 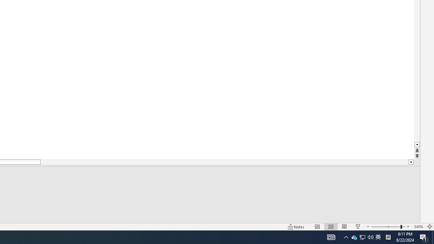 I want to click on 'Zoom 340%', so click(x=418, y=227).